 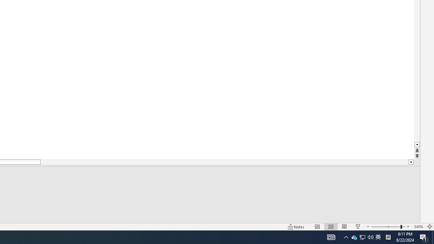 I want to click on 'Zoom 340%', so click(x=418, y=227).